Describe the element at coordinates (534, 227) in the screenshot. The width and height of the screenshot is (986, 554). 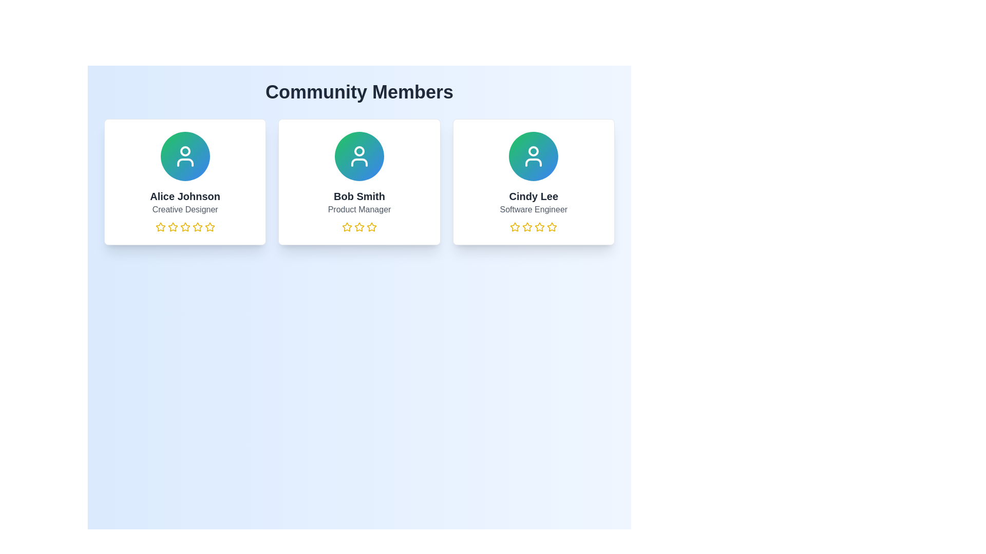
I see `the static star rating widget located below the text describing 'Cindy Lee', a Software Engineer, in the bottom section of her profile card` at that location.